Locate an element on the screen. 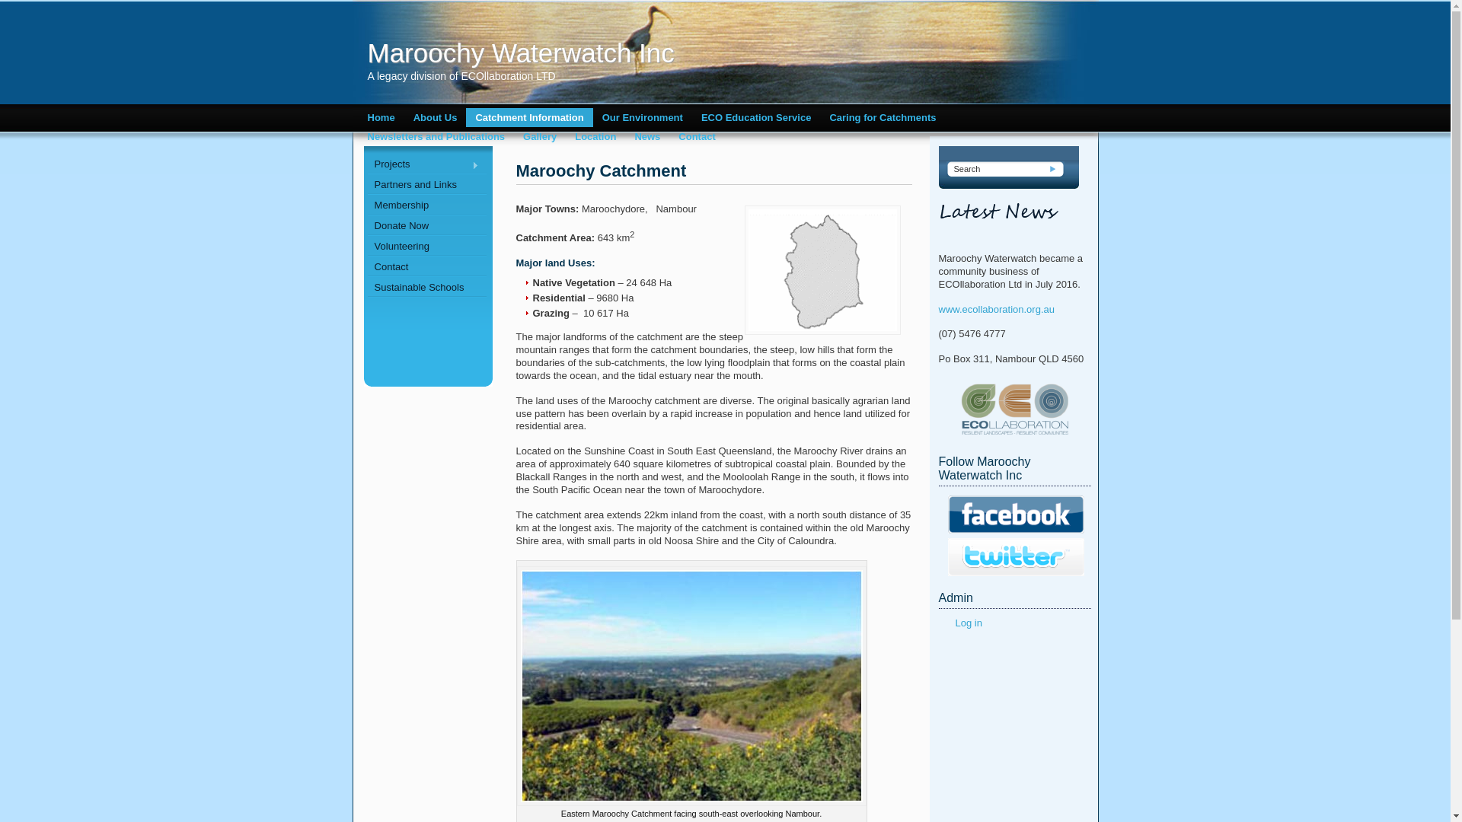 The image size is (1462, 822). 'Contact' is located at coordinates (426, 266).